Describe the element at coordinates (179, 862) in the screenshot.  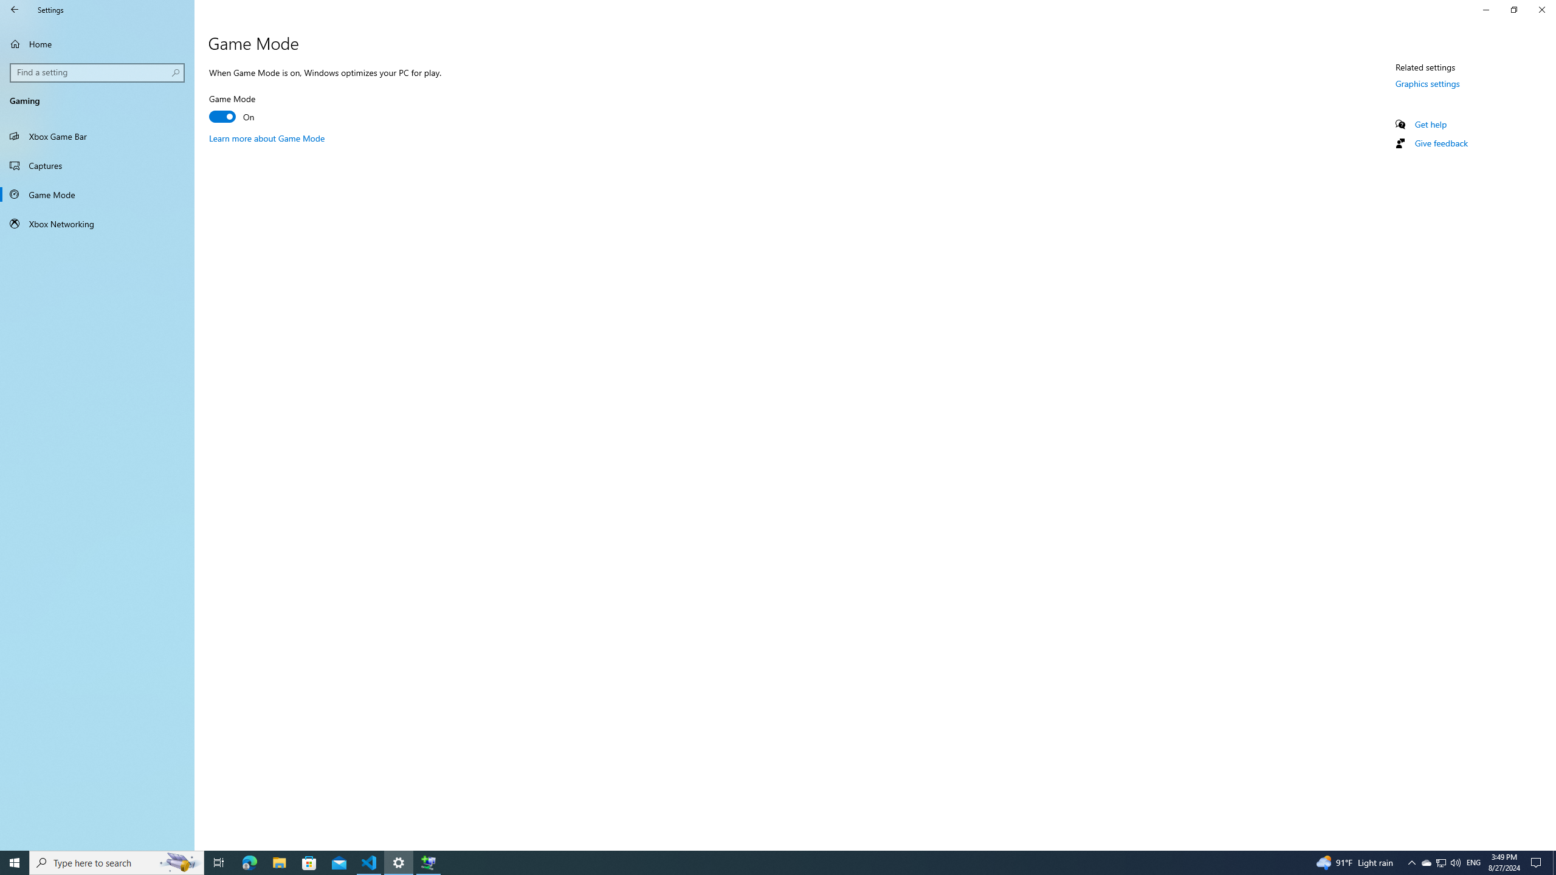
I see `'Search highlights icon opens search home window'` at that location.